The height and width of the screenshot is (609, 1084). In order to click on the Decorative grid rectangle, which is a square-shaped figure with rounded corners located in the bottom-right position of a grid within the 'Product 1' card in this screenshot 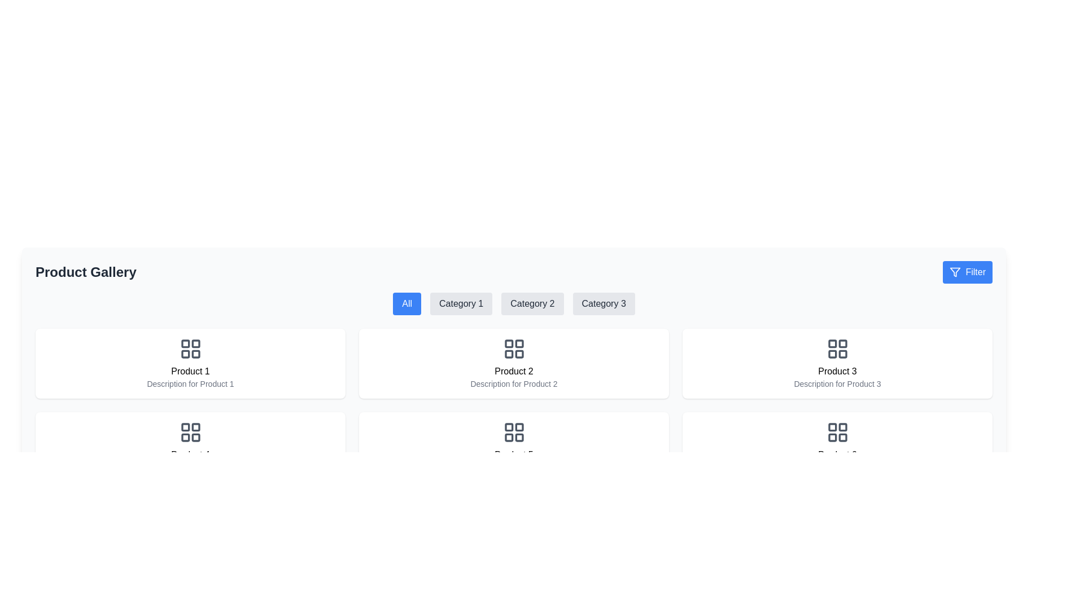, I will do `click(195, 354)`.